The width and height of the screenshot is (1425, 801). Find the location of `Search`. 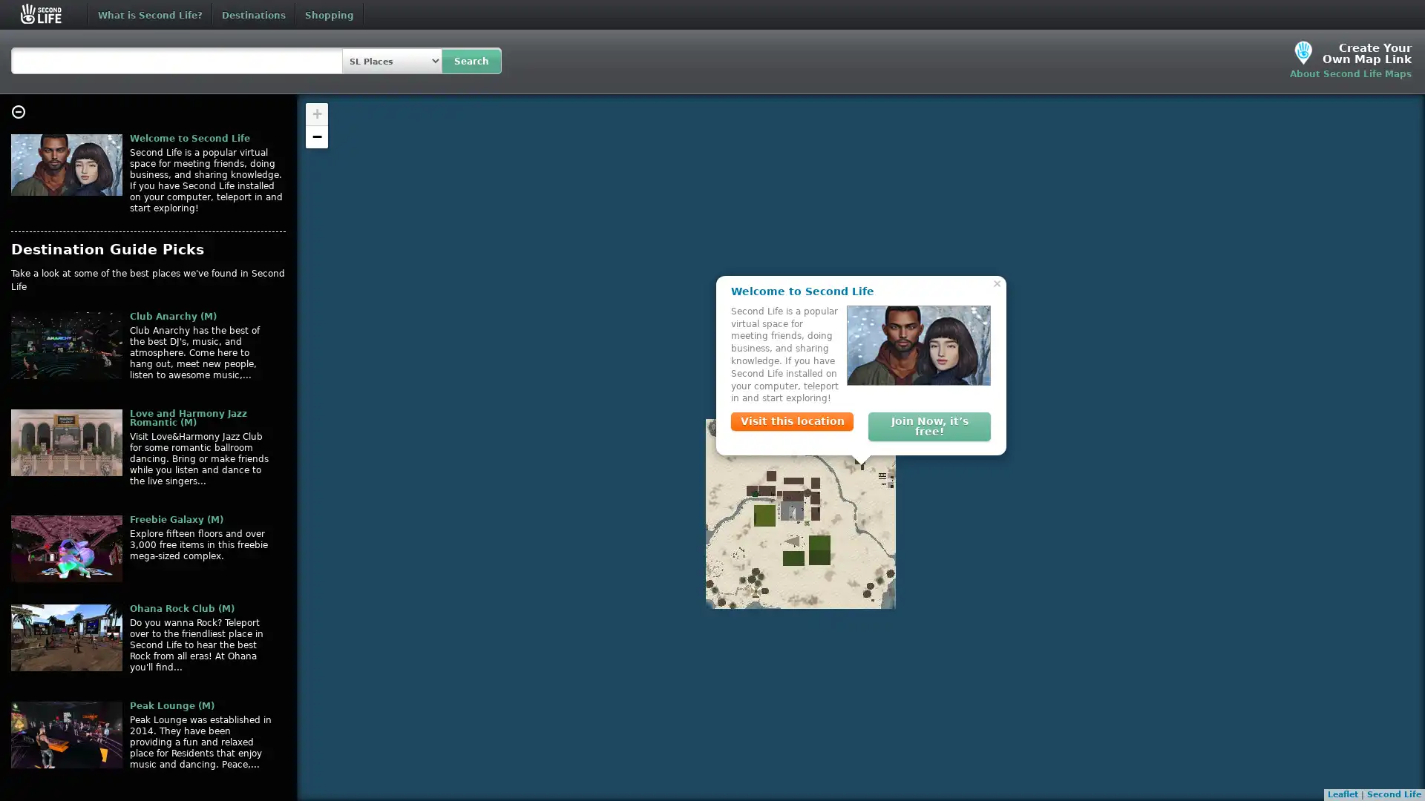

Search is located at coordinates (471, 62).